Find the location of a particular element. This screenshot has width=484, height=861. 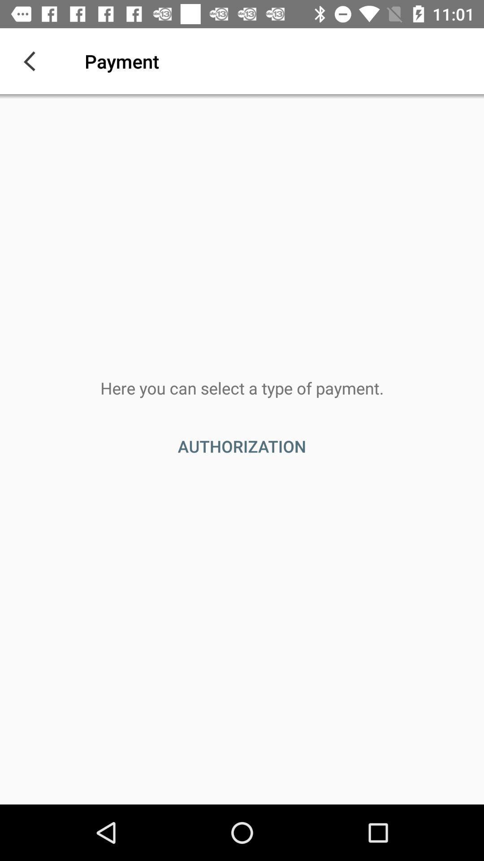

the authorization is located at coordinates (242, 446).